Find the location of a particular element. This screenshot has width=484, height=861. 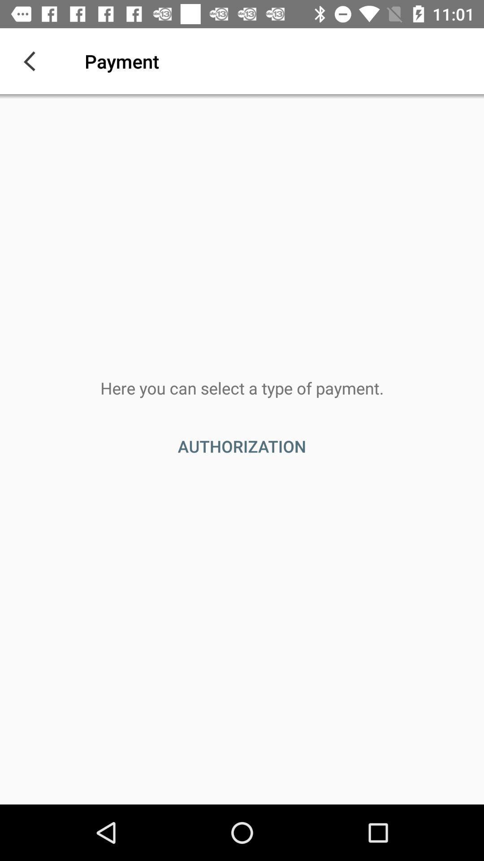

the authorization is located at coordinates (242, 446).